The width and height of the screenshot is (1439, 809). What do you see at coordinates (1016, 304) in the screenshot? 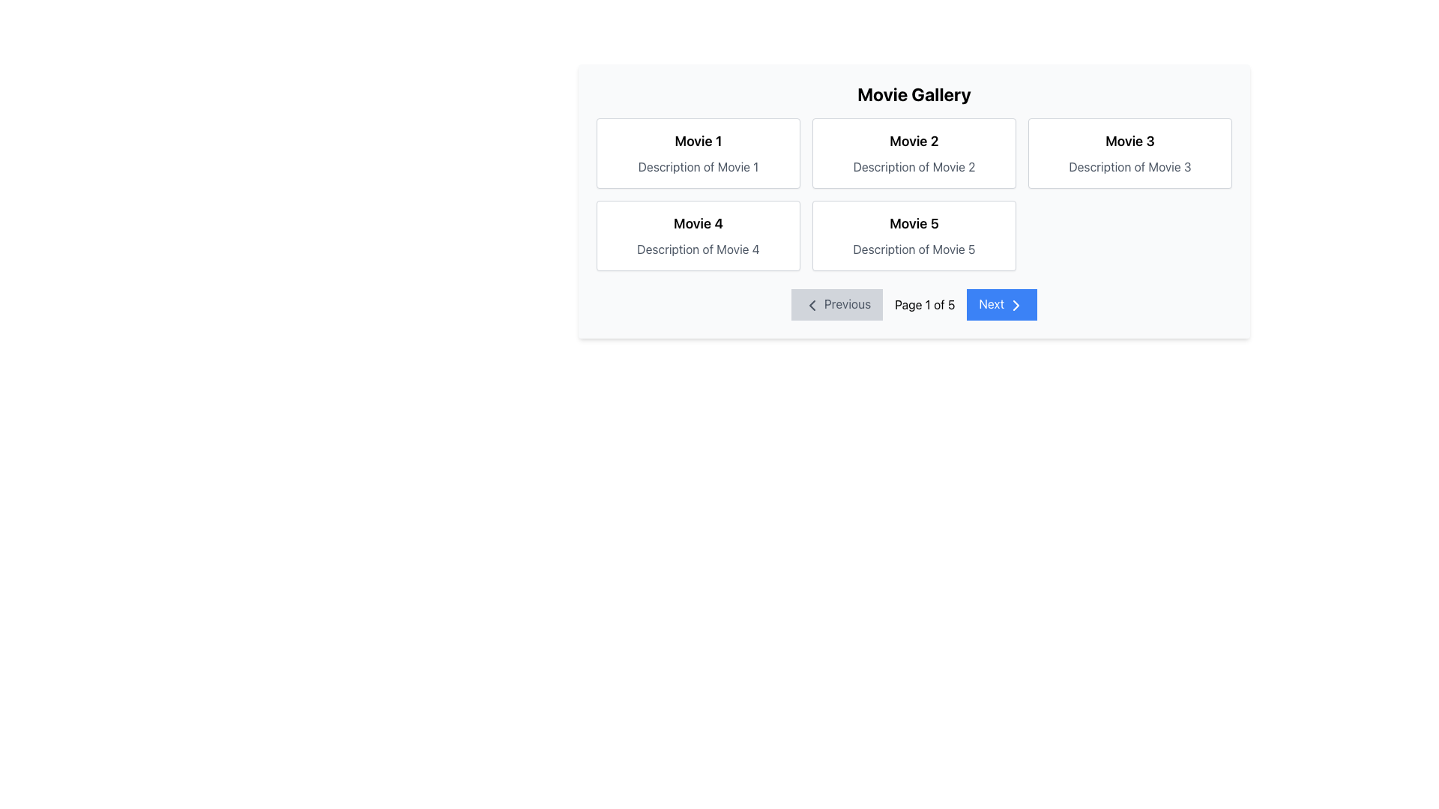
I see `the rightward-pointing chevron icon inside the 'Next' button located in the bottom navigation bar` at bounding box center [1016, 304].